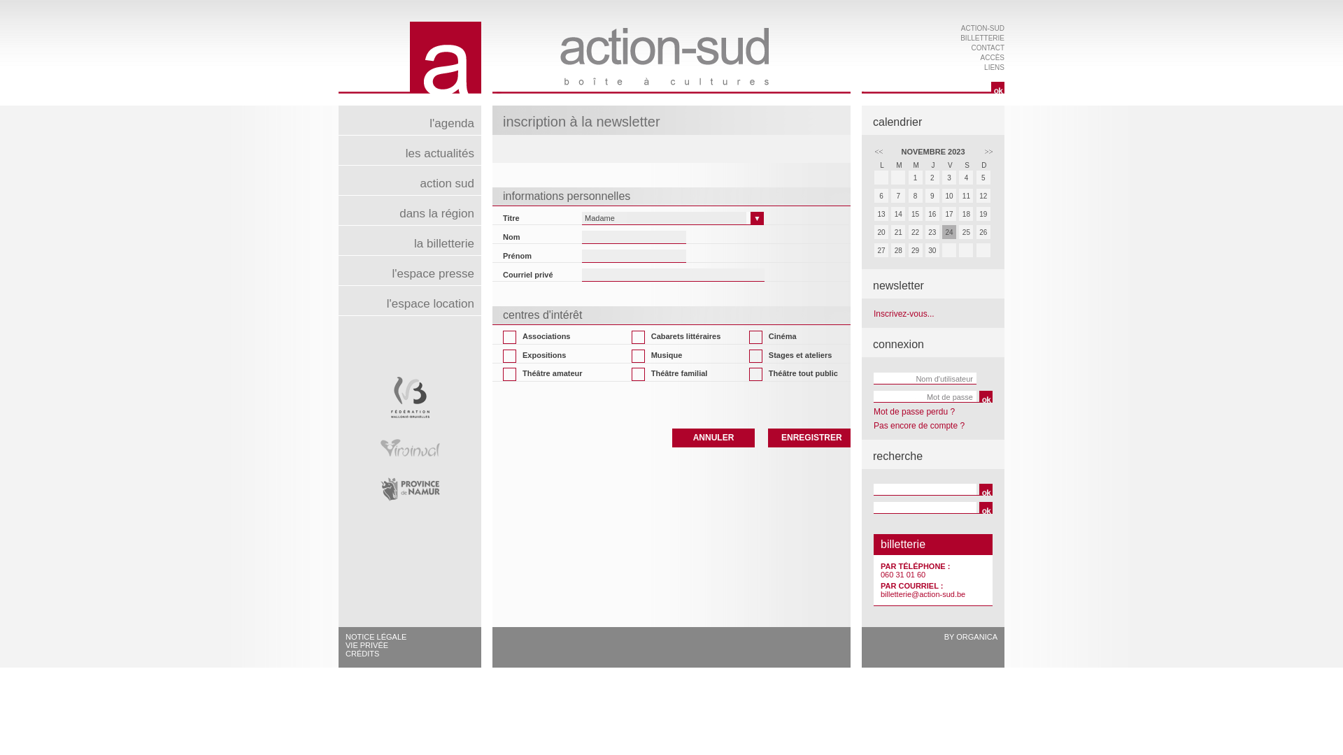  I want to click on '29', so click(916, 250).